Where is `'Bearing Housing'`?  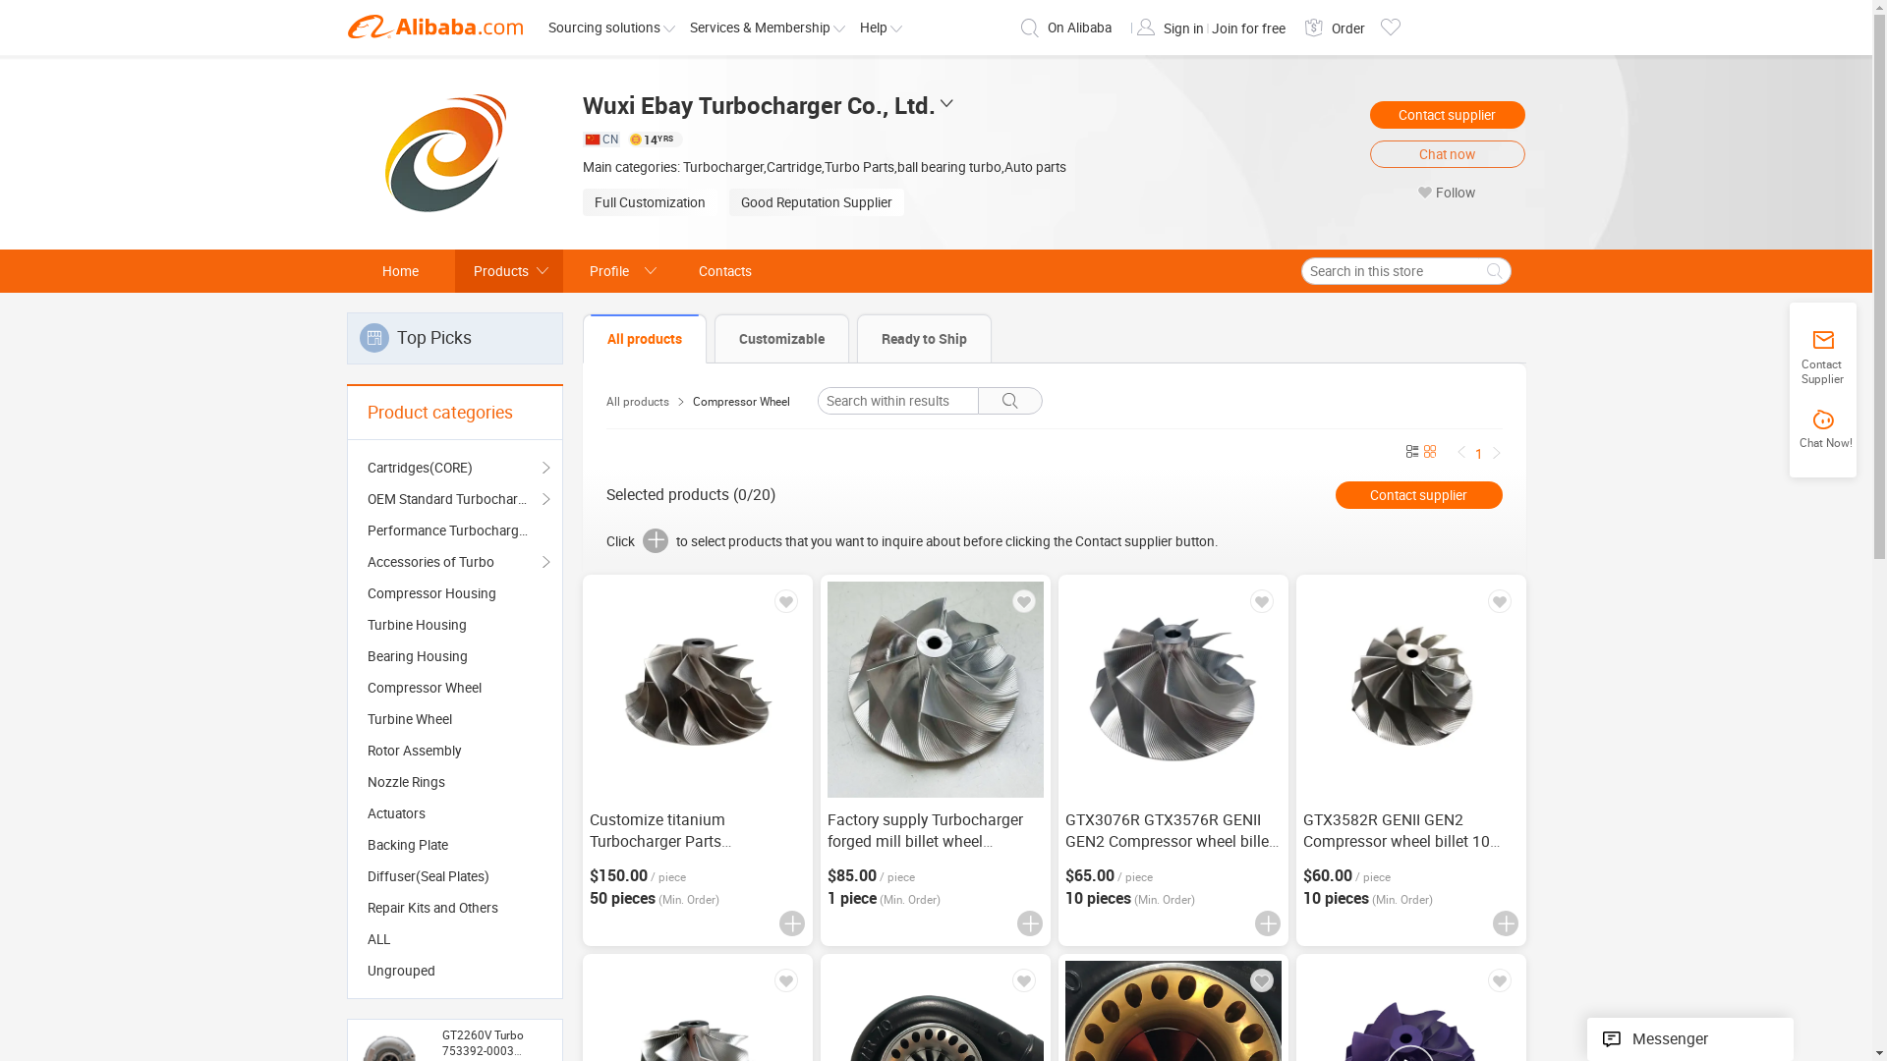
'Bearing Housing' is located at coordinates (453, 655).